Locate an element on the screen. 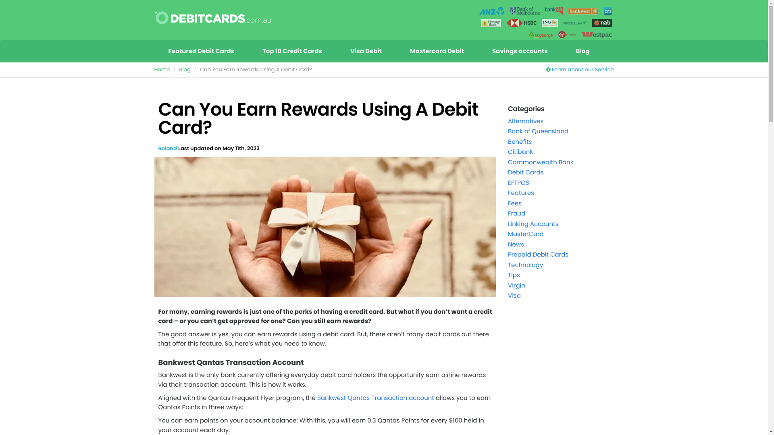 This screenshot has width=774, height=435. 'Home' is located at coordinates (161, 69).